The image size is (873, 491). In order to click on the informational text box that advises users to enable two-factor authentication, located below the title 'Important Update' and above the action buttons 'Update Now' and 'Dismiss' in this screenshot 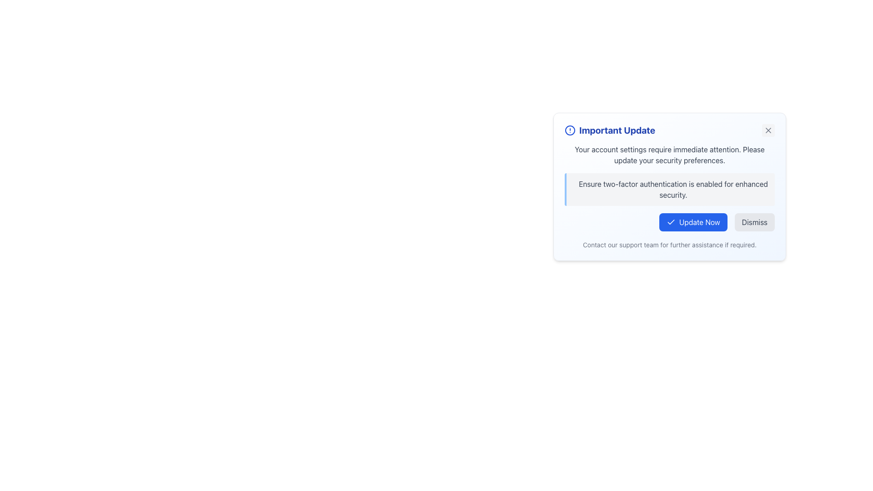, I will do `click(670, 189)`.